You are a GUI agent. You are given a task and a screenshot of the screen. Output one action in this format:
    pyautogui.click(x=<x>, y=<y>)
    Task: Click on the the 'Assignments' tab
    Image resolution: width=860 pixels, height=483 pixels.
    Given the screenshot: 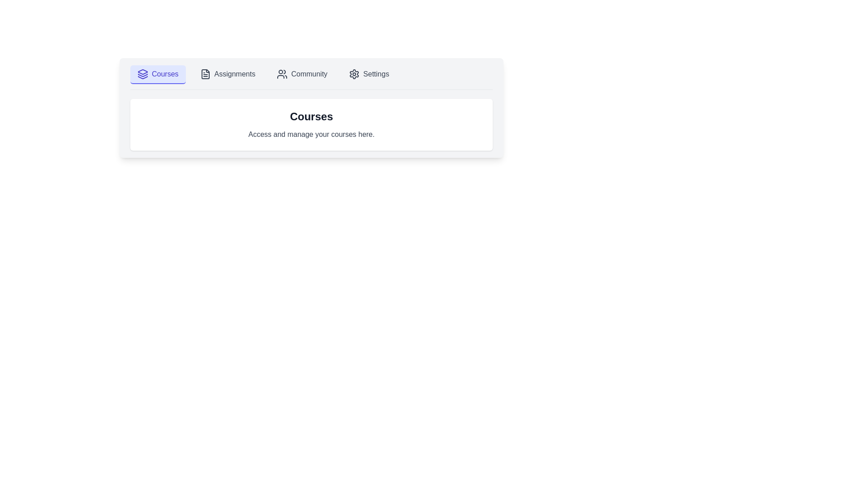 What is the action you would take?
    pyautogui.click(x=228, y=74)
    